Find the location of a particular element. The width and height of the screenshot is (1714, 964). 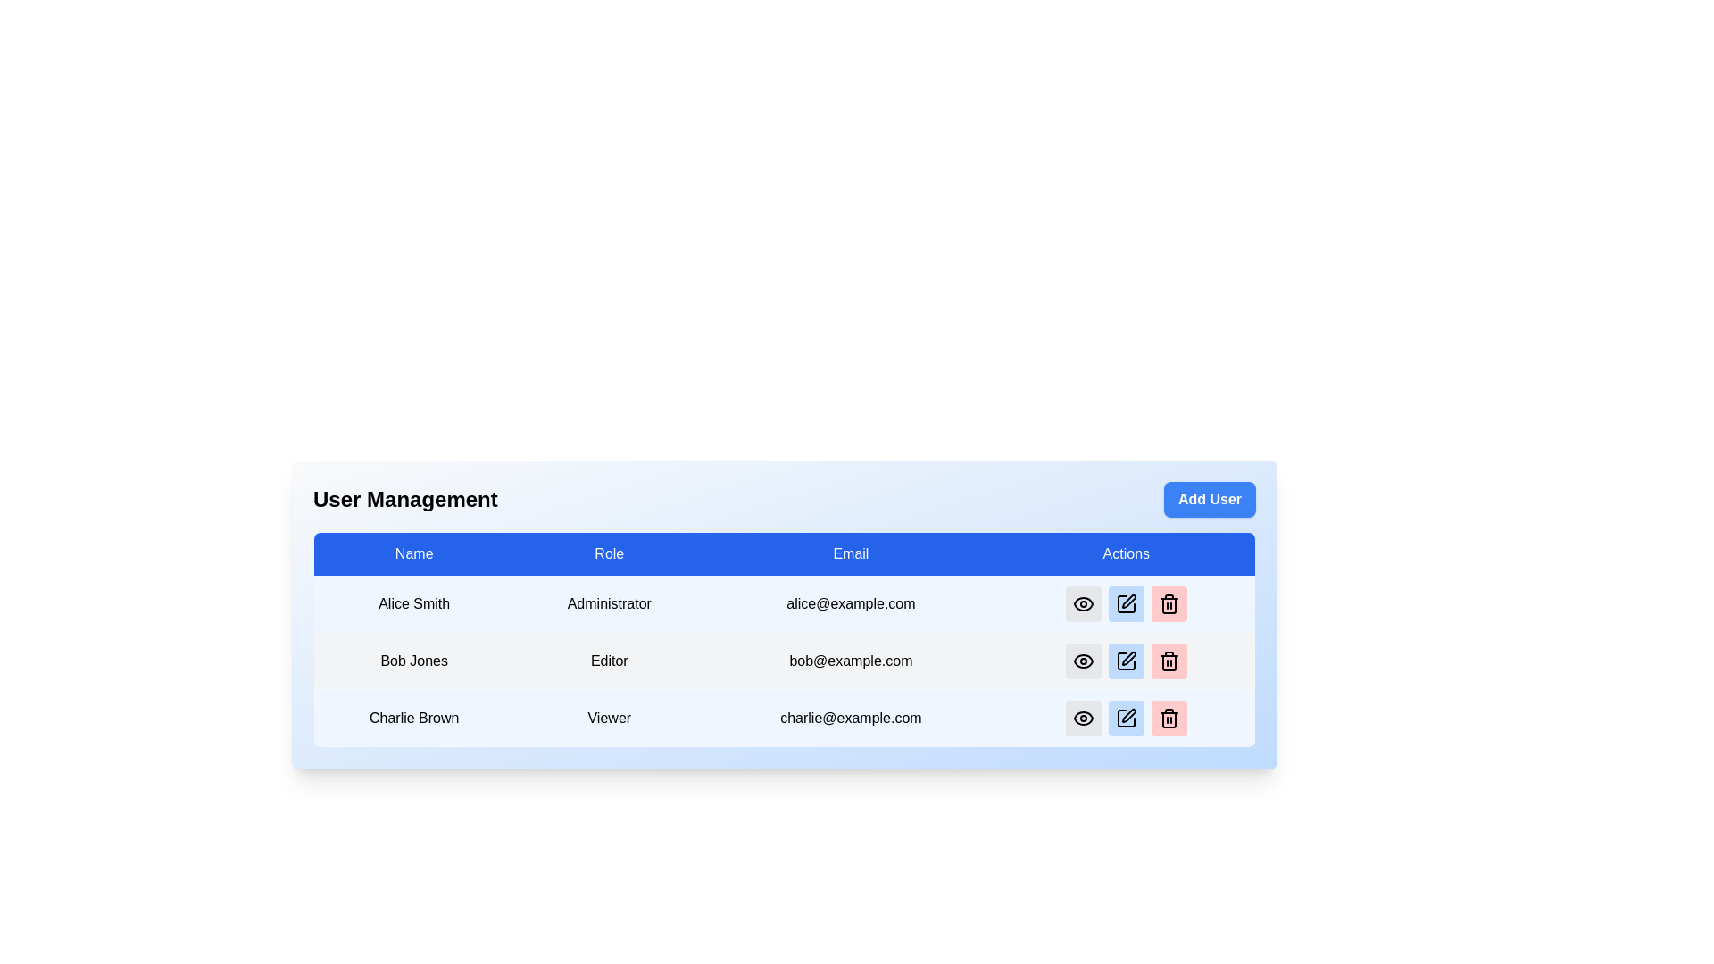

the eye icon in the 'Actions' column of the 'User Management' table for 'Charlie Brown' is located at coordinates (1082, 718).